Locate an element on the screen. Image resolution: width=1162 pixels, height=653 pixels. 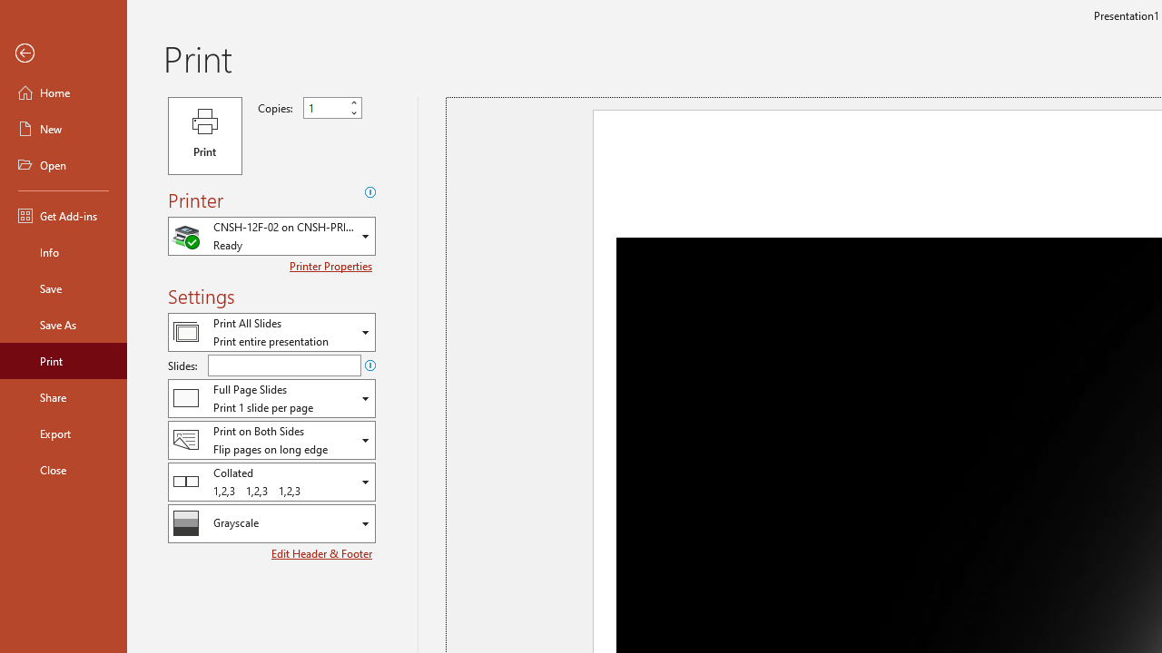
'Collation' is located at coordinates (271, 481).